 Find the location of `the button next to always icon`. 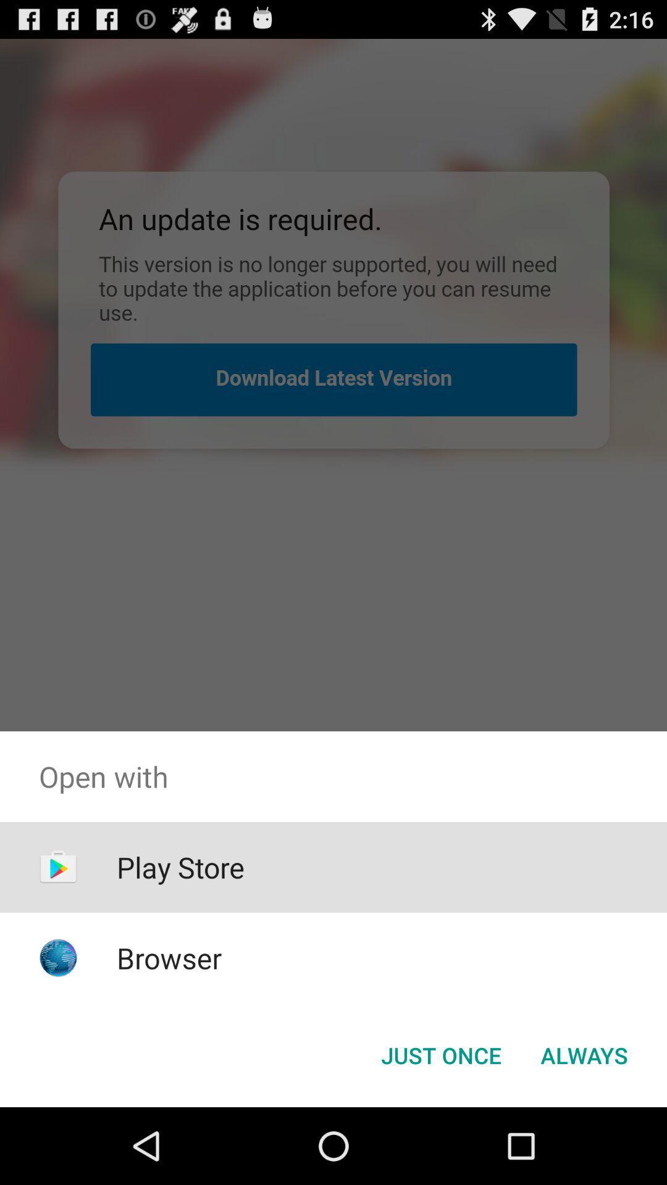

the button next to always icon is located at coordinates (440, 1054).